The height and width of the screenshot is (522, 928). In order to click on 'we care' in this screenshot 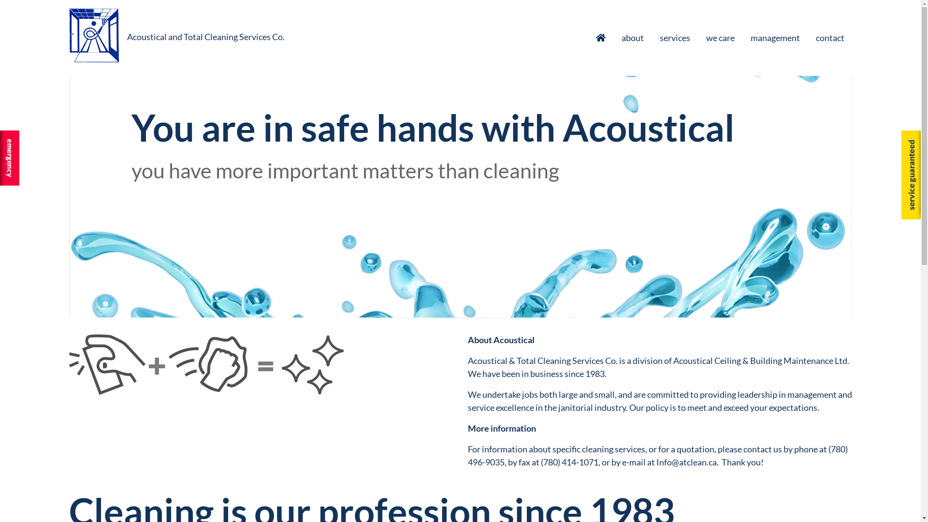, I will do `click(720, 37)`.